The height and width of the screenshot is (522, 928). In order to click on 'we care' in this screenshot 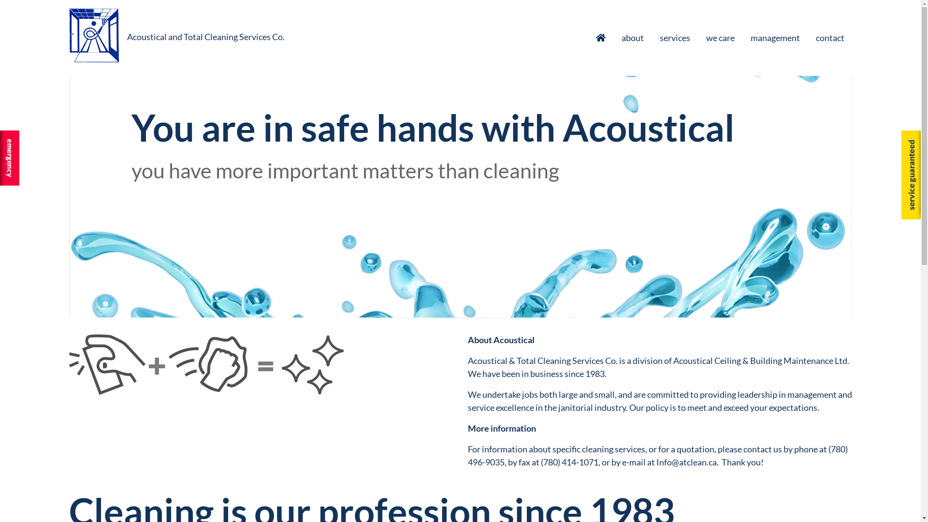, I will do `click(720, 37)`.